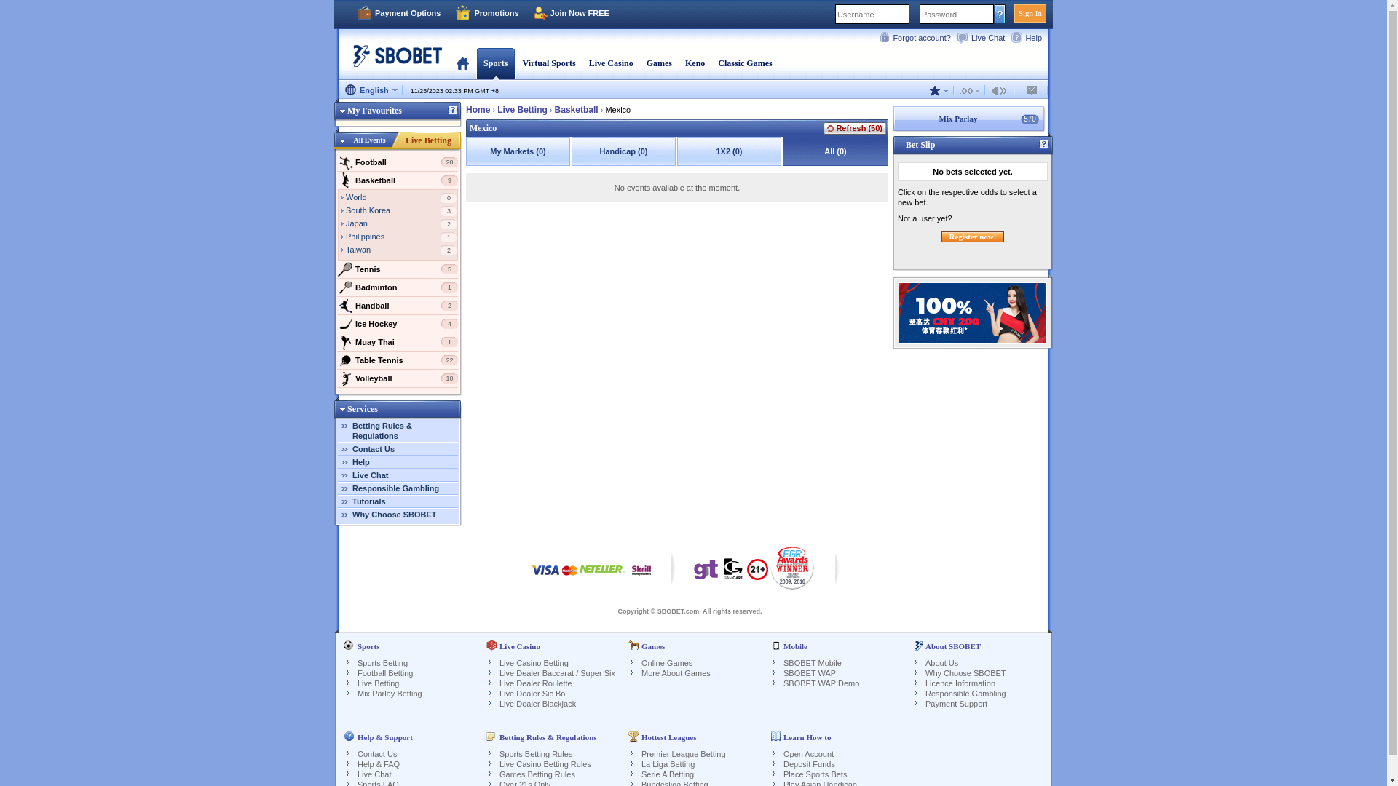 This screenshot has height=786, width=1398. What do you see at coordinates (641, 576) in the screenshot?
I see `'Payment Powered by Skrill (Moneybookers) - Click to View All'` at bounding box center [641, 576].